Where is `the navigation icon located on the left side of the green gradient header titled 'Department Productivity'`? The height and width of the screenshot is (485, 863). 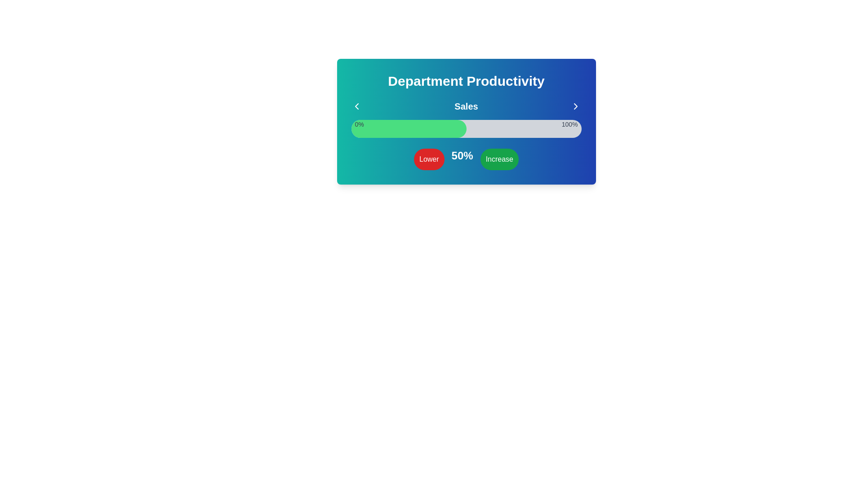
the navigation icon located on the left side of the green gradient header titled 'Department Productivity' is located at coordinates (356, 106).